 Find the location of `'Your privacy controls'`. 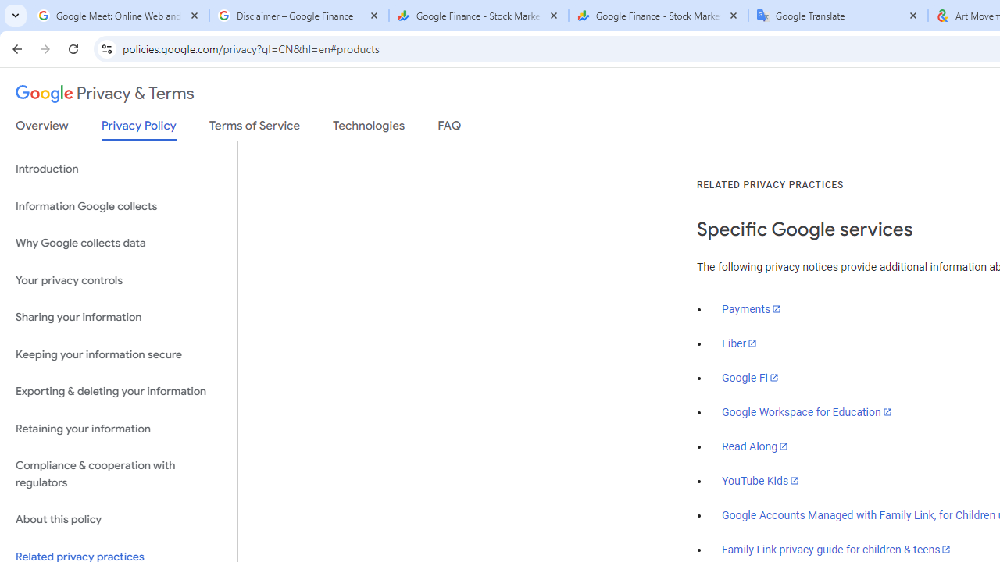

'Your privacy controls' is located at coordinates (118, 279).